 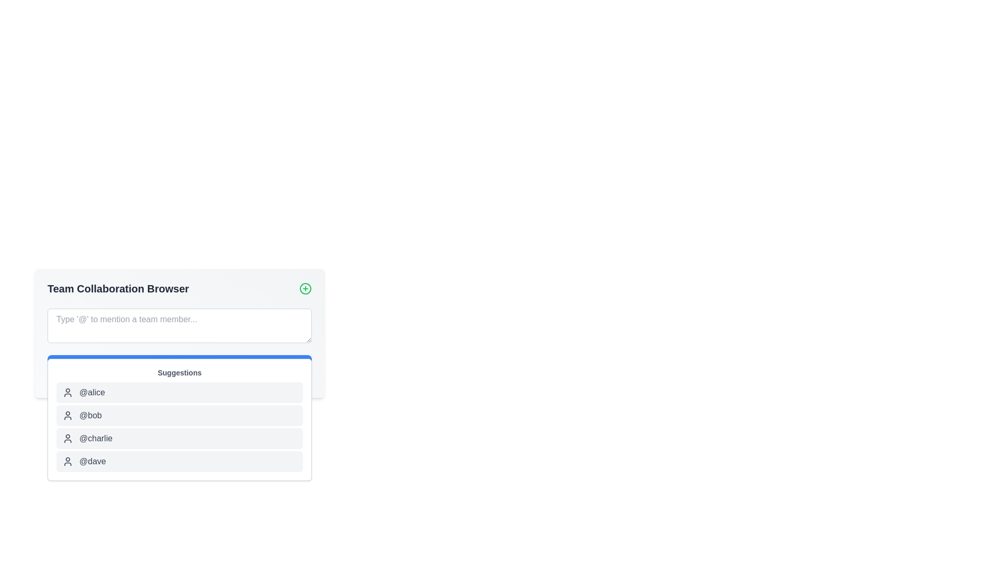 I want to click on the third list item option '@charlie' in the suggestion box, so click(x=180, y=439).